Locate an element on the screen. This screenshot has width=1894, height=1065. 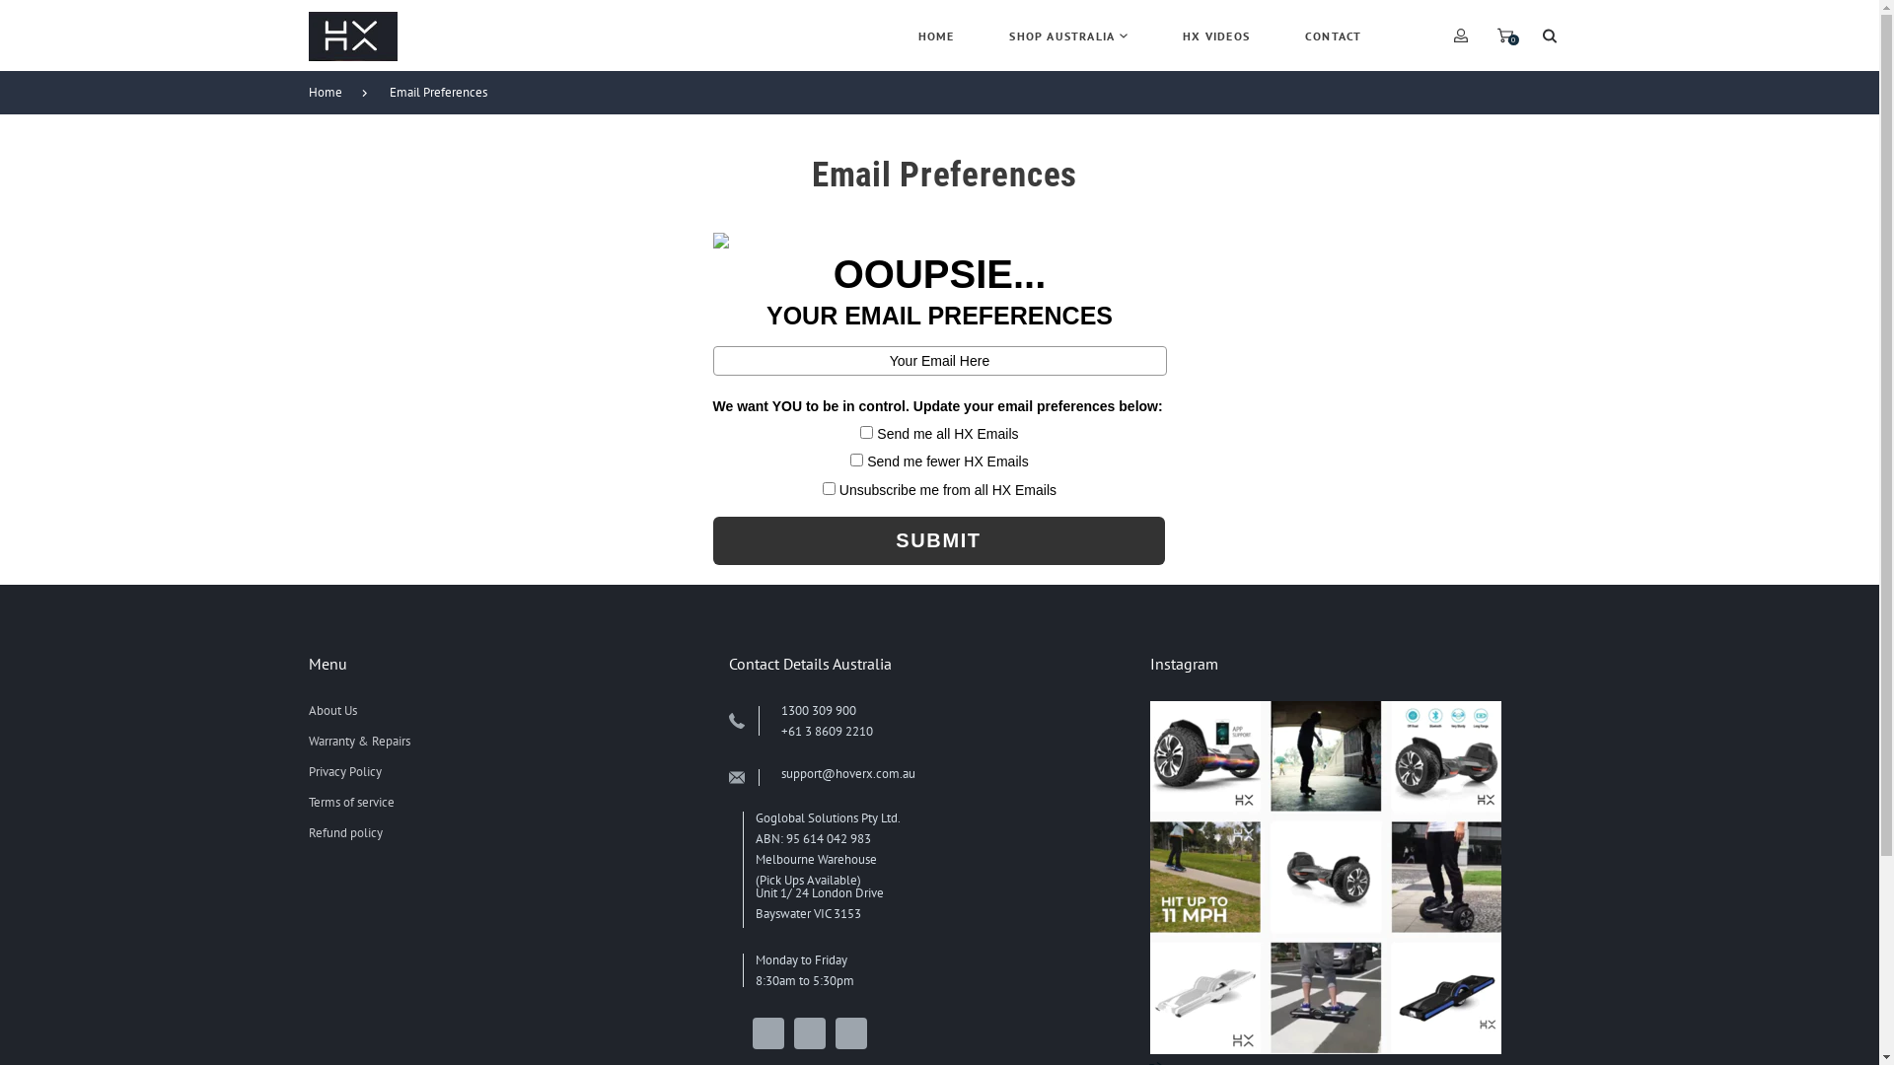
'Terms of service' is located at coordinates (350, 802).